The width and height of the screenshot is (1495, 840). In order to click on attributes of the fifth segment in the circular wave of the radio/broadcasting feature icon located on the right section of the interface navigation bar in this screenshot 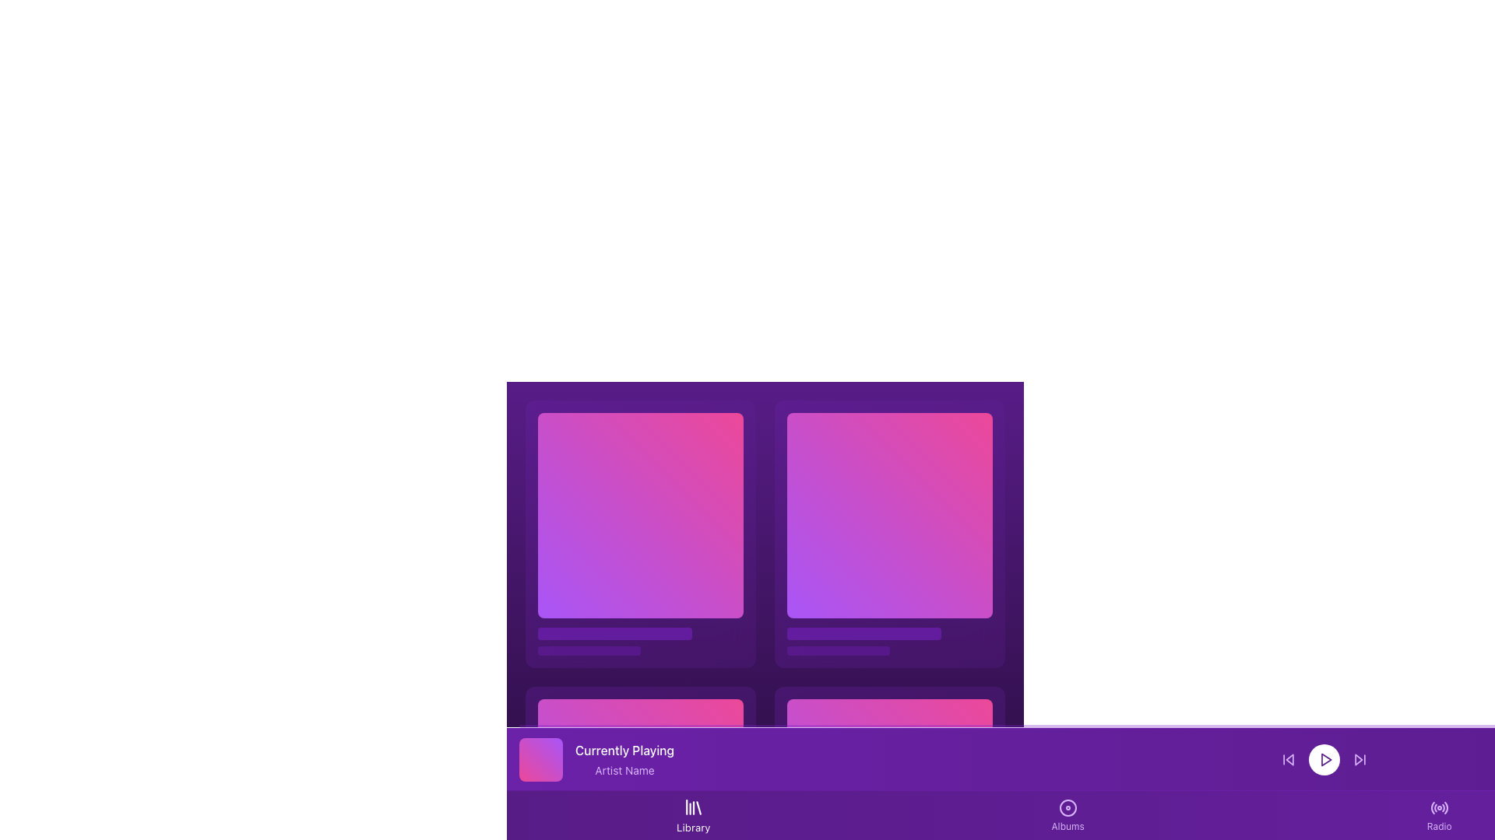, I will do `click(1445, 807)`.